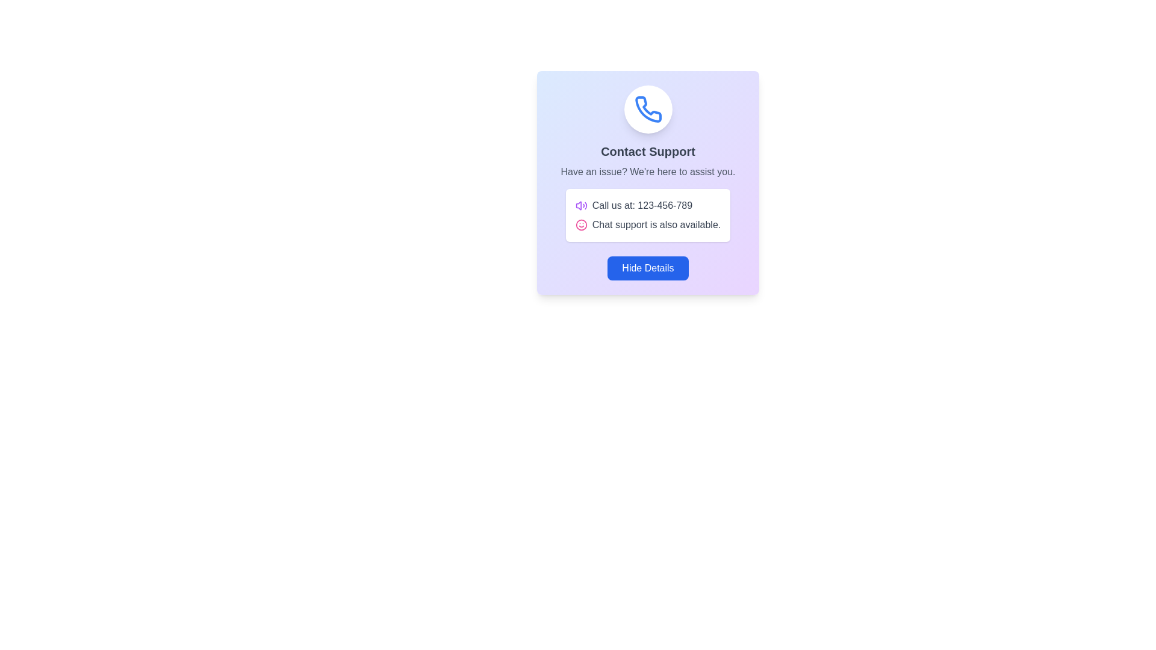 The height and width of the screenshot is (650, 1156). Describe the element at coordinates (647, 109) in the screenshot. I see `the blue phone receiver icon centered within the 'Contact Support' card, which is surrounded by a light purple background` at that location.